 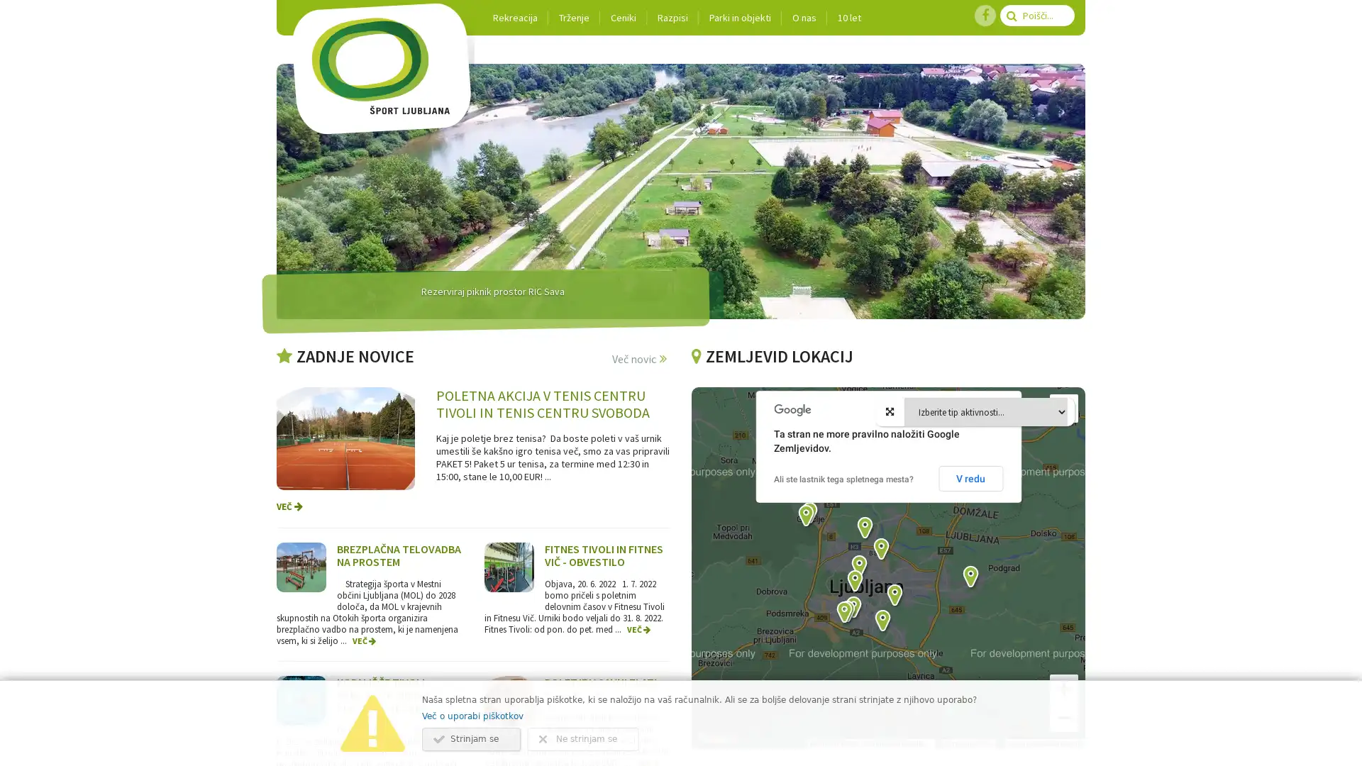 I want to click on Kako do nas?, so click(x=870, y=546).